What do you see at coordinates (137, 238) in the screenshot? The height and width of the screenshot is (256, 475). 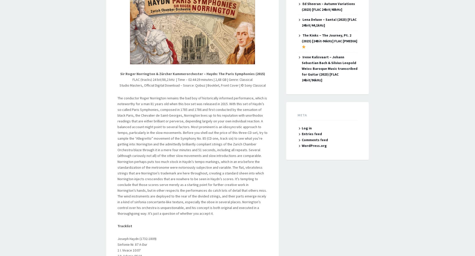 I see `'Joseph Haydn (1732-1809)'` at bounding box center [137, 238].